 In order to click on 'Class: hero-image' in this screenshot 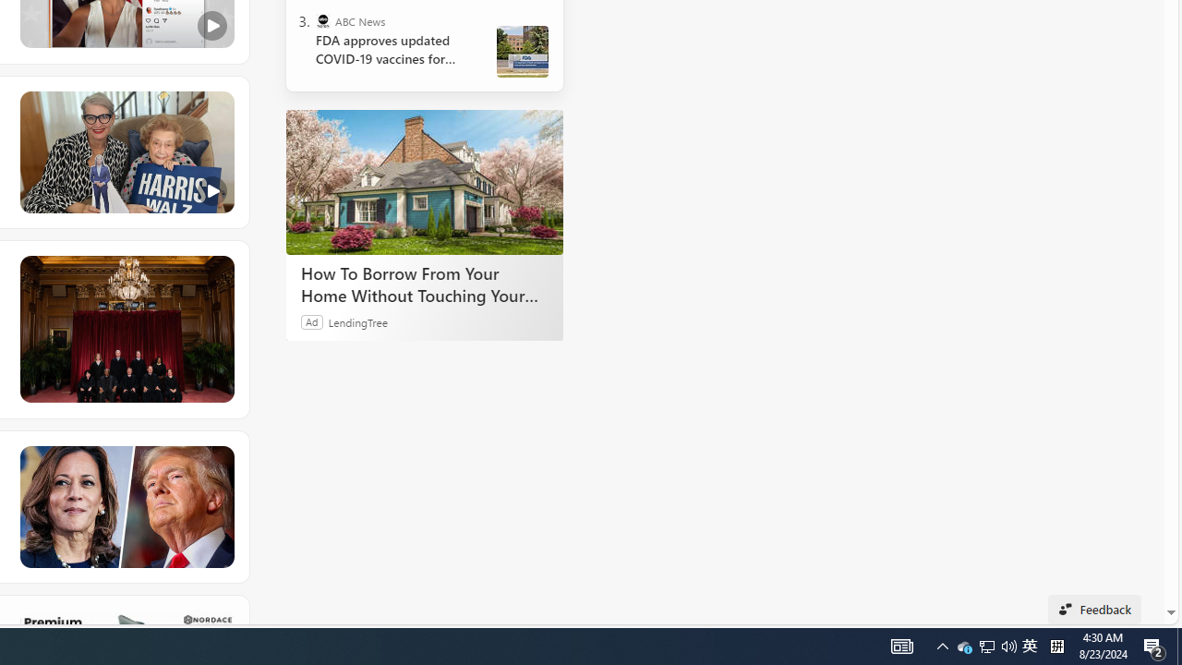, I will do `click(125, 151)`.